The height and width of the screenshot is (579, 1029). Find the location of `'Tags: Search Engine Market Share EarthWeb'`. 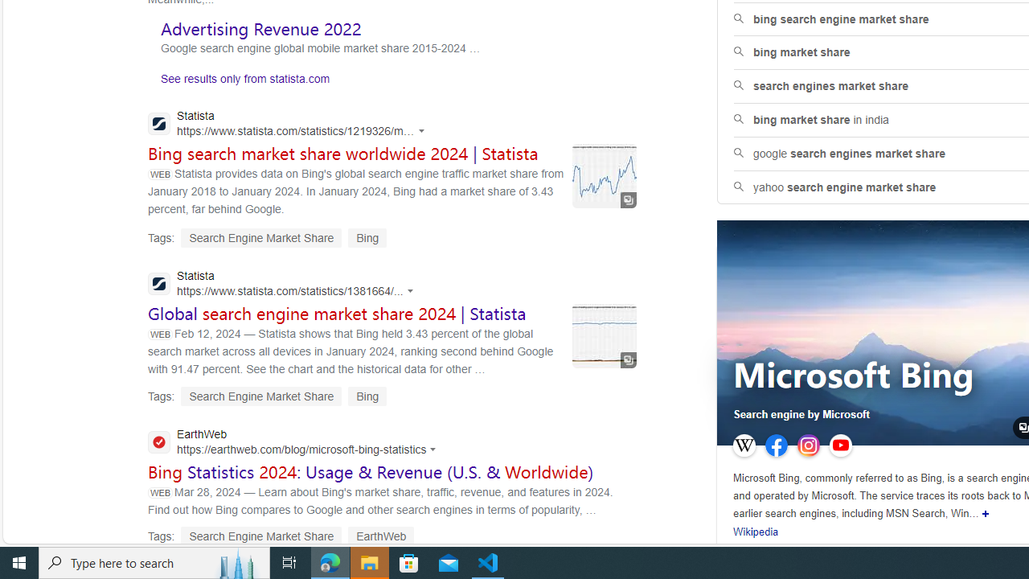

'Tags: Search Engine Market Share EarthWeb' is located at coordinates (281, 536).